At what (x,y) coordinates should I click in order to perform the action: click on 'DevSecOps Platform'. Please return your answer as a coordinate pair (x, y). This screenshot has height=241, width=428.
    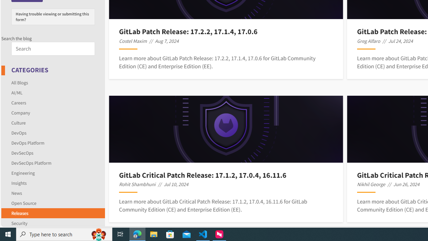
    Looking at the image, I should click on (31, 163).